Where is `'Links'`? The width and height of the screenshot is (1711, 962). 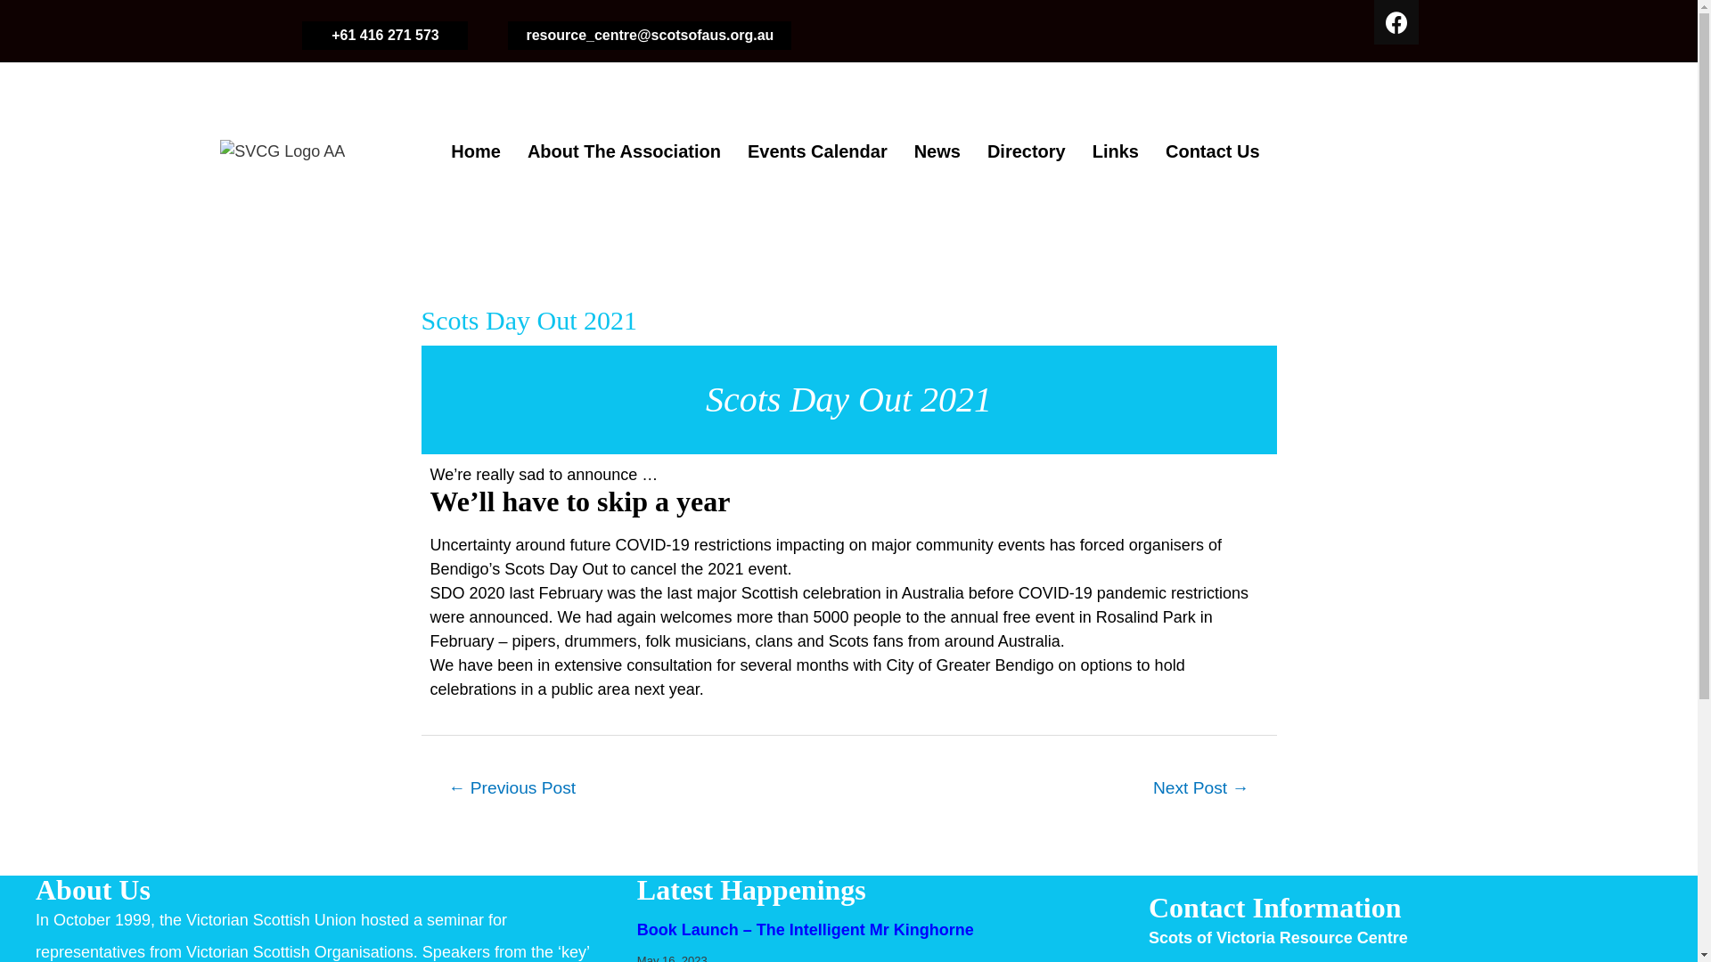 'Links' is located at coordinates (1077, 150).